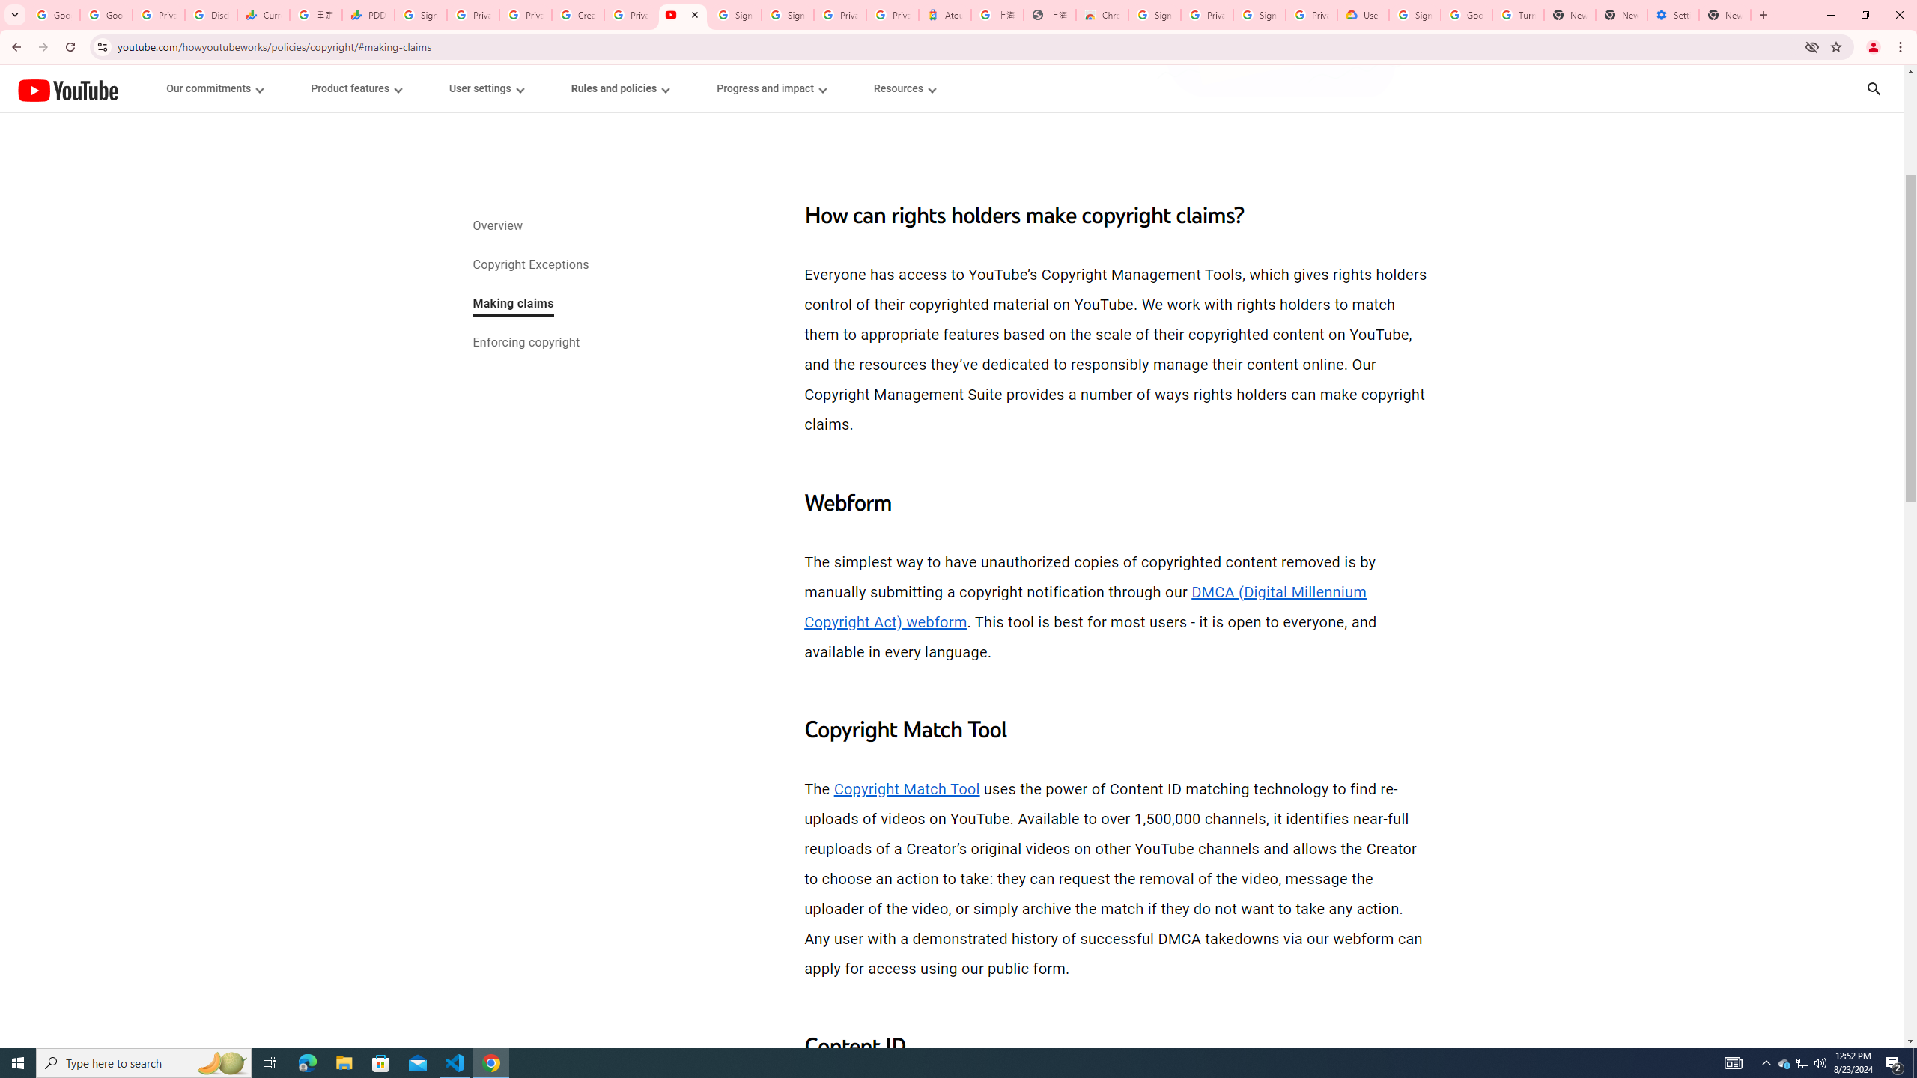 This screenshot has height=1078, width=1917. I want to click on 'Privacy Checkup', so click(525, 14).